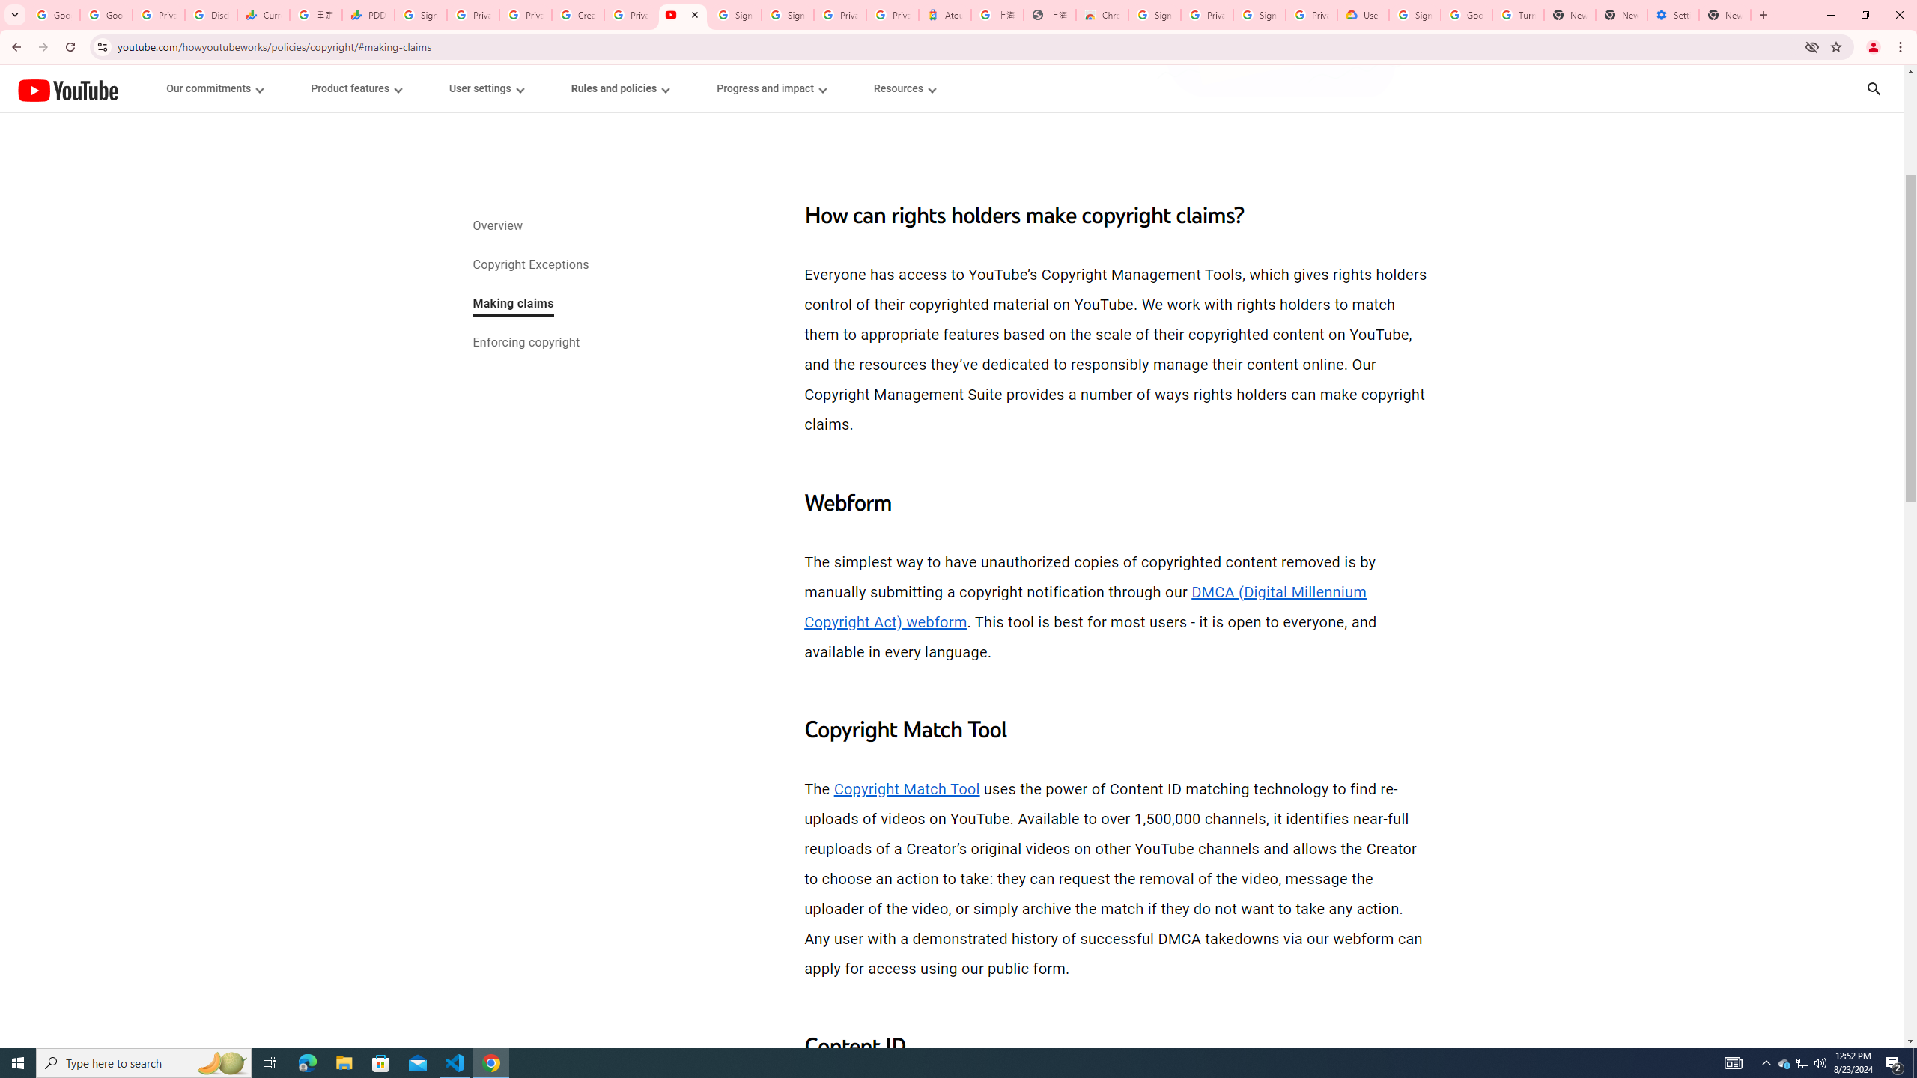 This screenshot has height=1078, width=1917. I want to click on 'Privacy Checkup', so click(525, 14).